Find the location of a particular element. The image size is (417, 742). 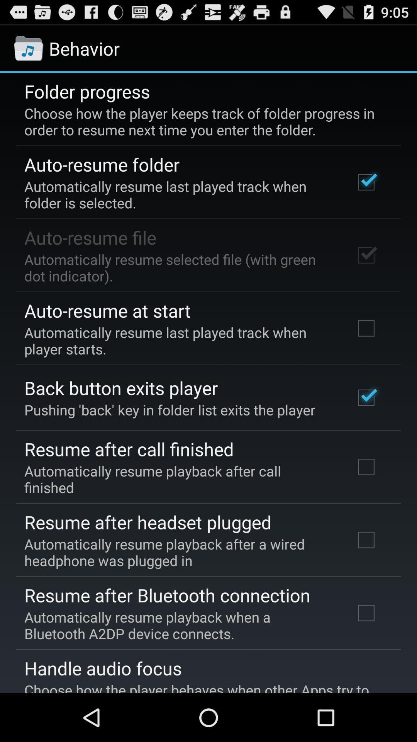

handle audio focus item is located at coordinates (102, 668).